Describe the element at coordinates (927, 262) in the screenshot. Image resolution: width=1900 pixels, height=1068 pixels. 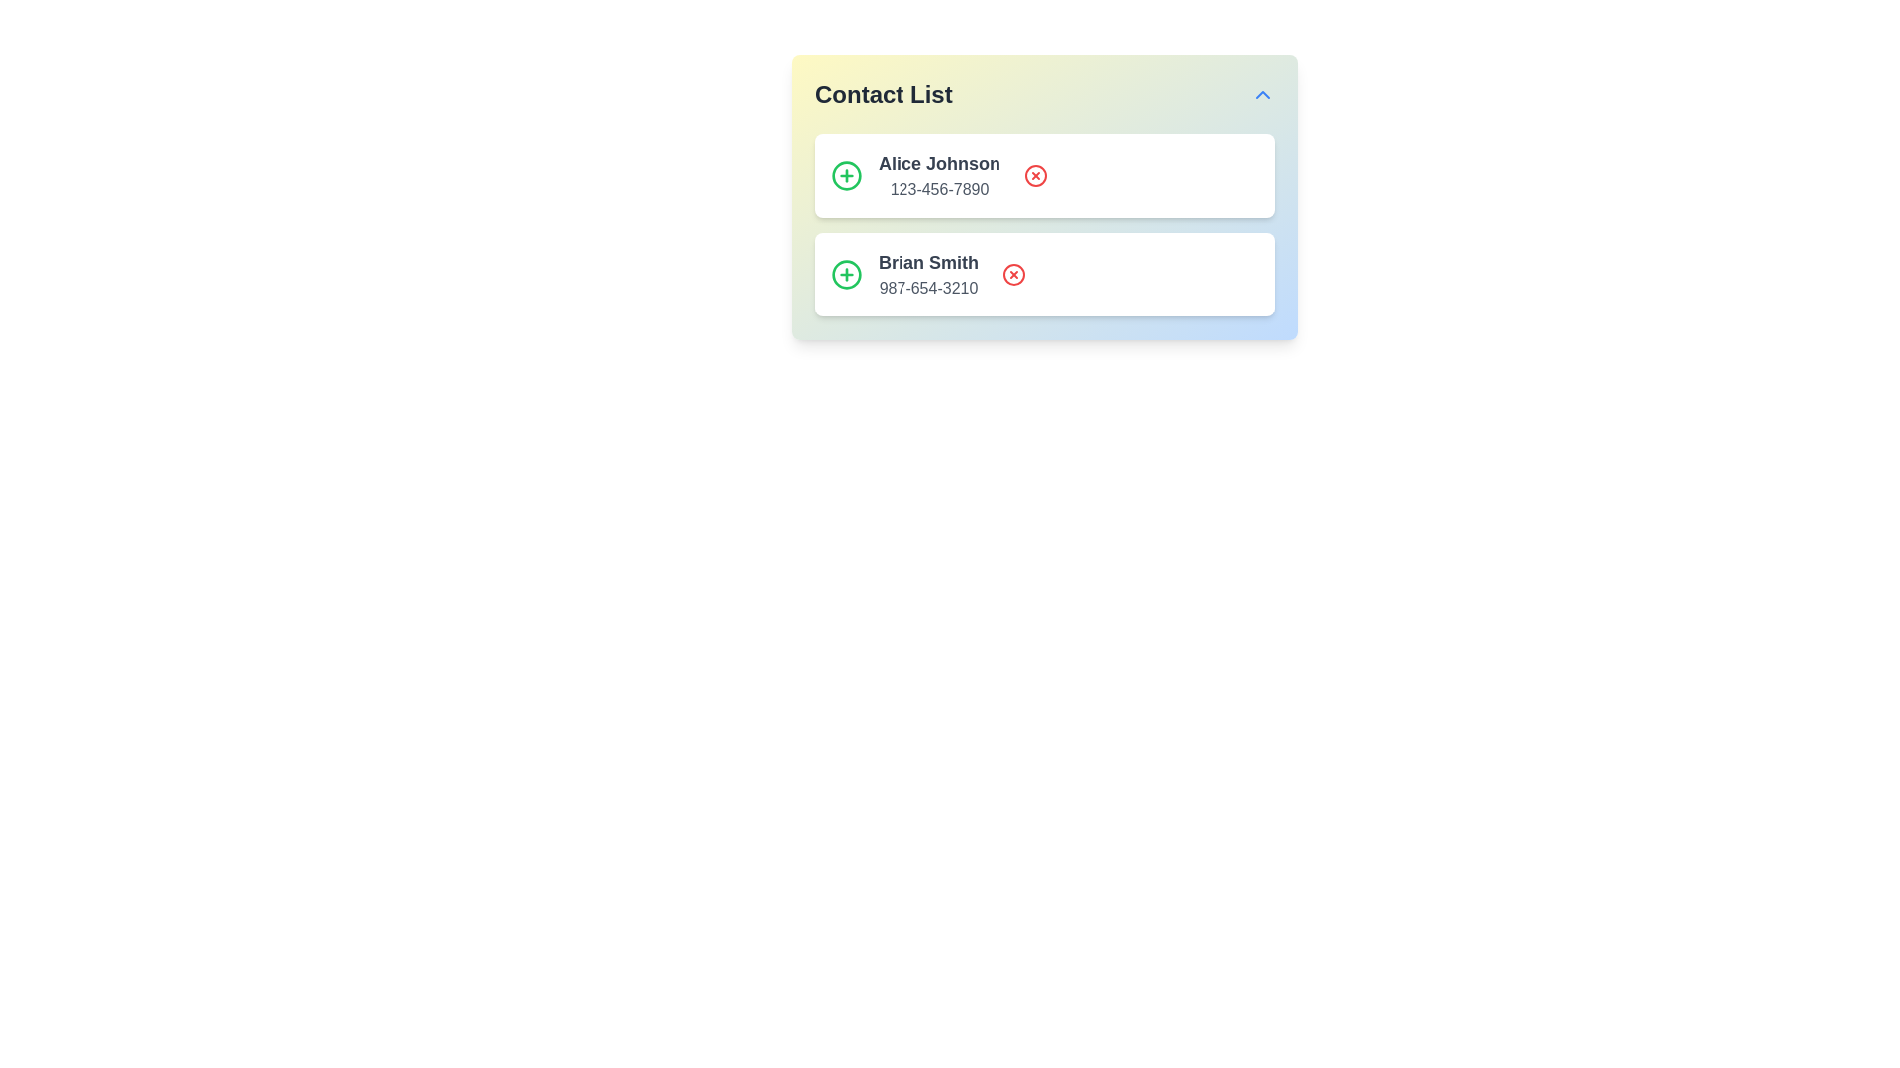
I see `the text label displaying 'Brian Smith' in the contact card layout, which is styled in bold and larger font, indicating its significance in the 'Contact List' section` at that location.